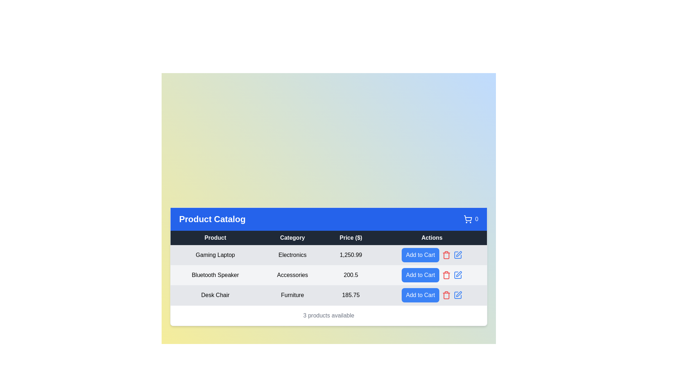  I want to click on the button in the 'Actions' column of the second row, so click(431, 274).